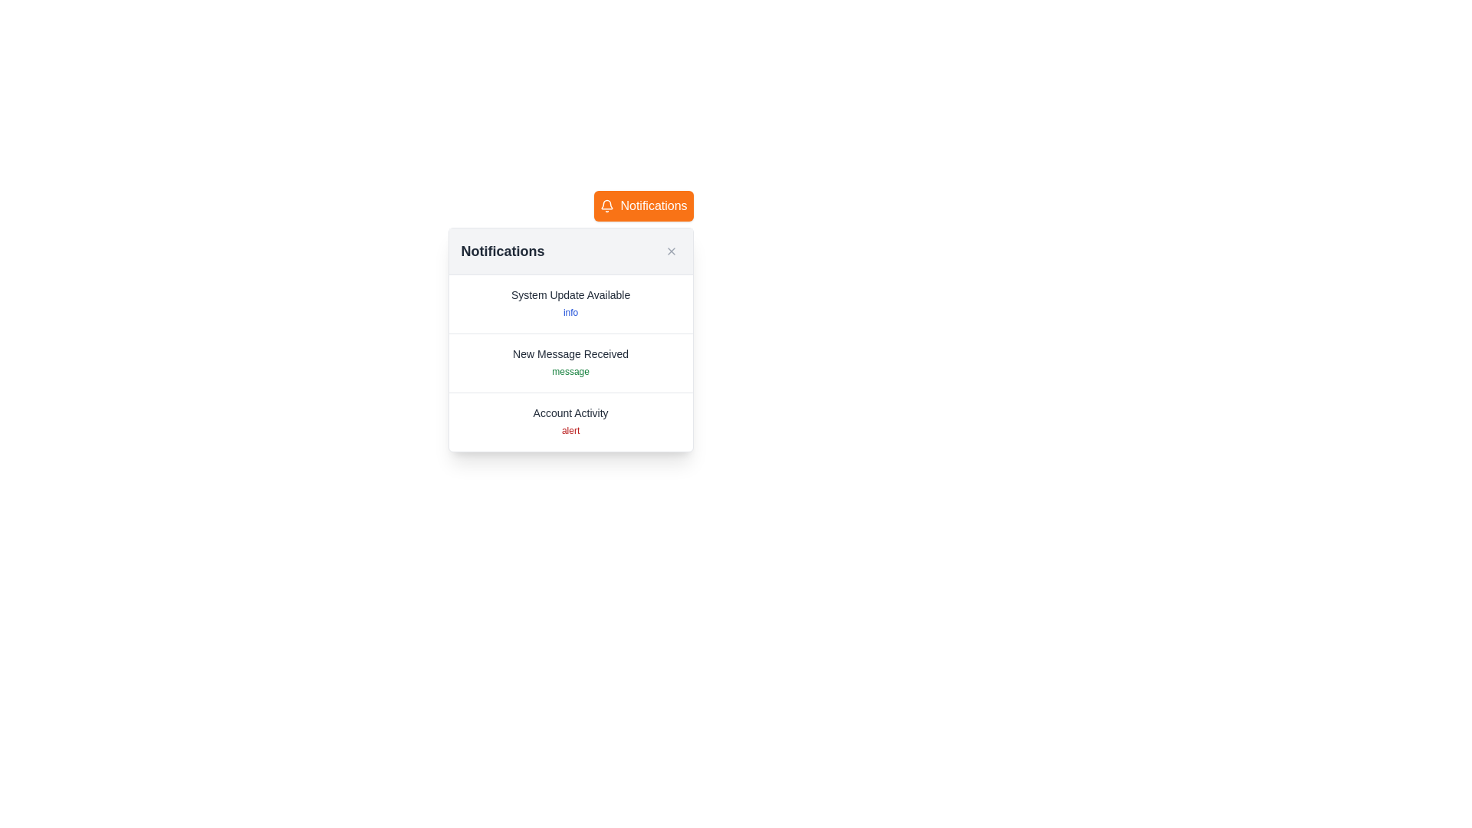 This screenshot has height=828, width=1472. I want to click on the text label that displays the title of the notification, positioned above the 'message' subtext and below the 'System Update Available' notification in the notification dialog, so click(570, 354).